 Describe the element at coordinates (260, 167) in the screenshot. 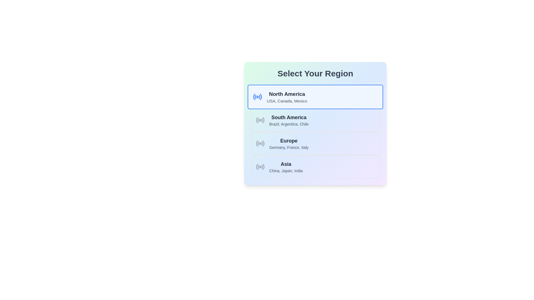

I see `the radio button styled icon representing the 'Asia' region in the region selection menu to indicate the user's choice of the 'Asia' region` at that location.